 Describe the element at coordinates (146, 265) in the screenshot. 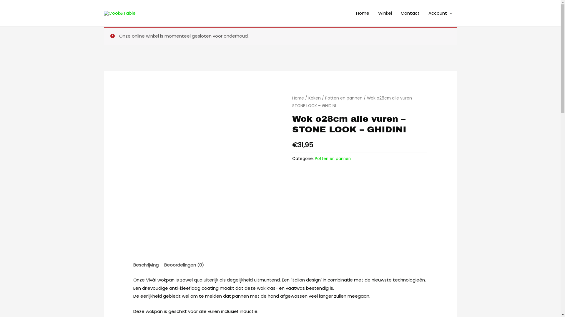

I see `'Beschrijving'` at that location.